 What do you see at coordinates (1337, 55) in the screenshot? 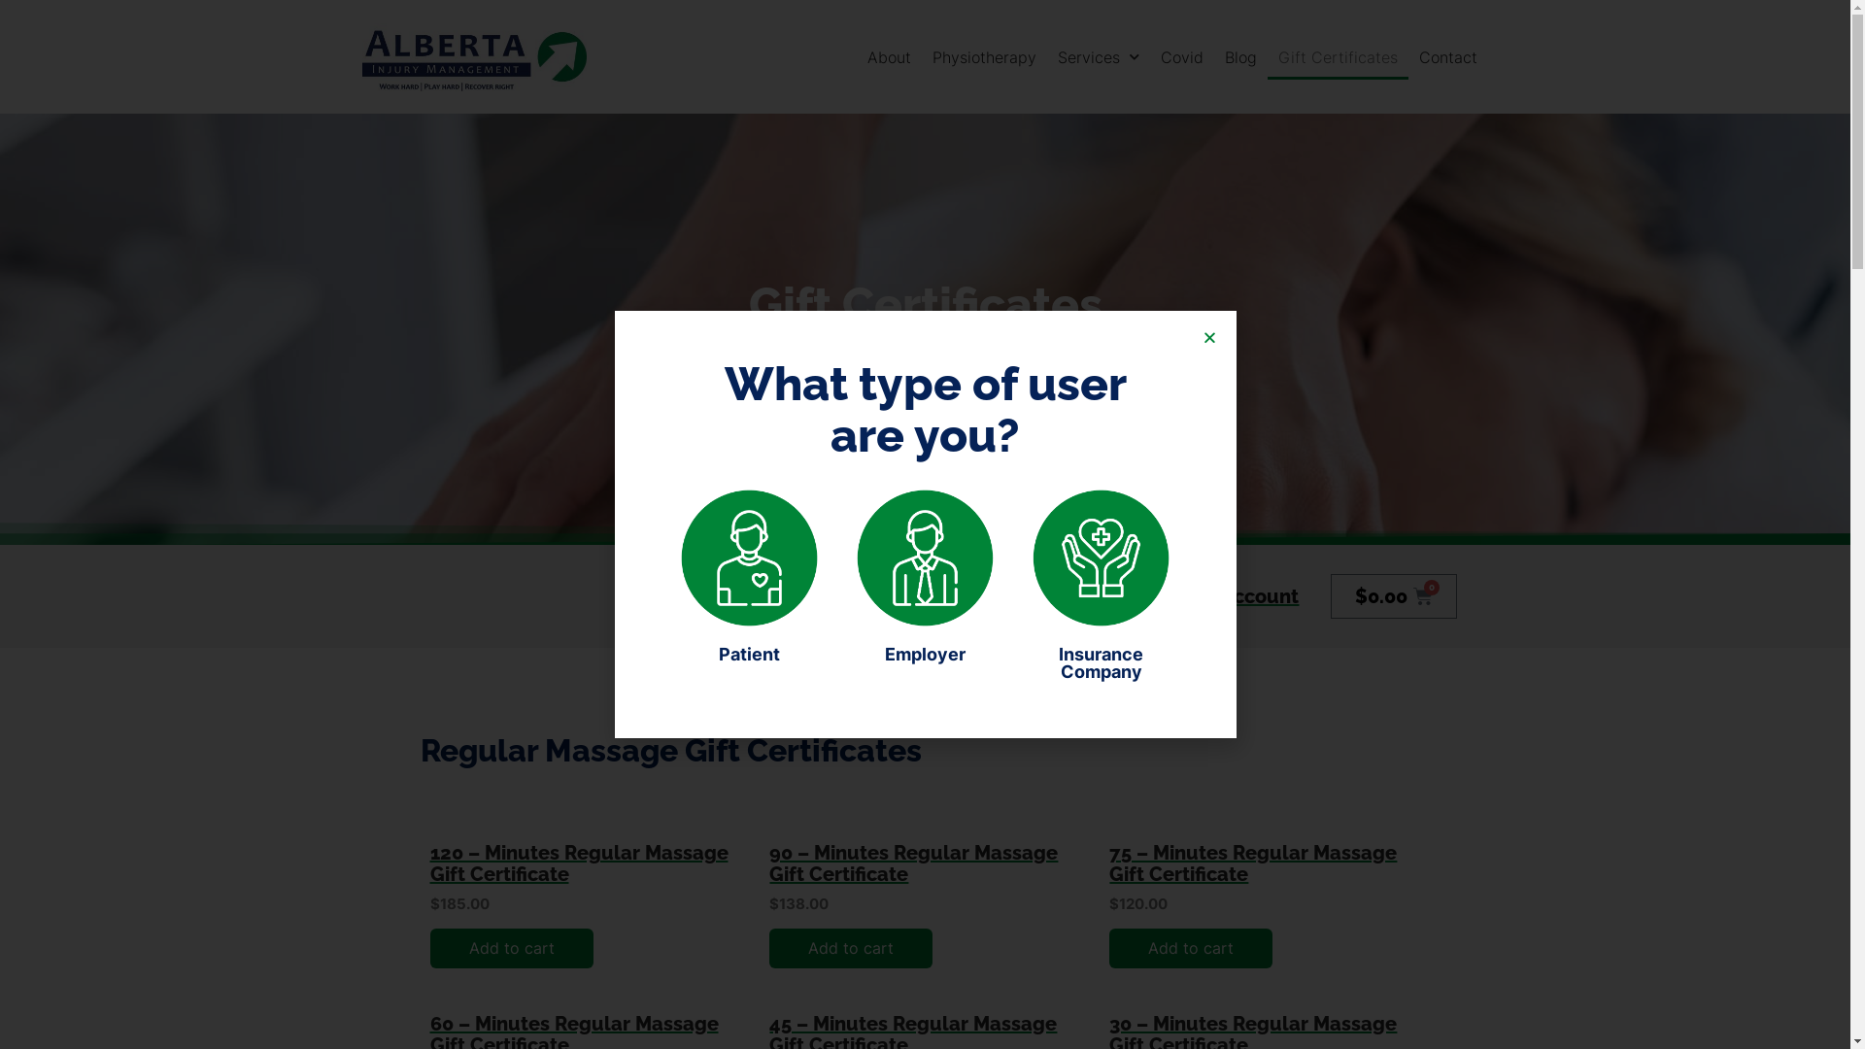
I see `'Gift Certificates'` at bounding box center [1337, 55].